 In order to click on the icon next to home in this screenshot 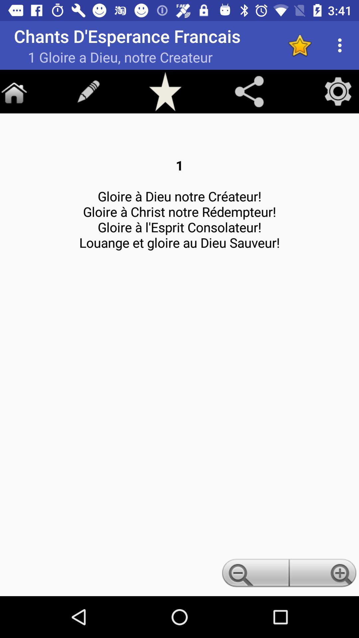, I will do `click(88, 91)`.